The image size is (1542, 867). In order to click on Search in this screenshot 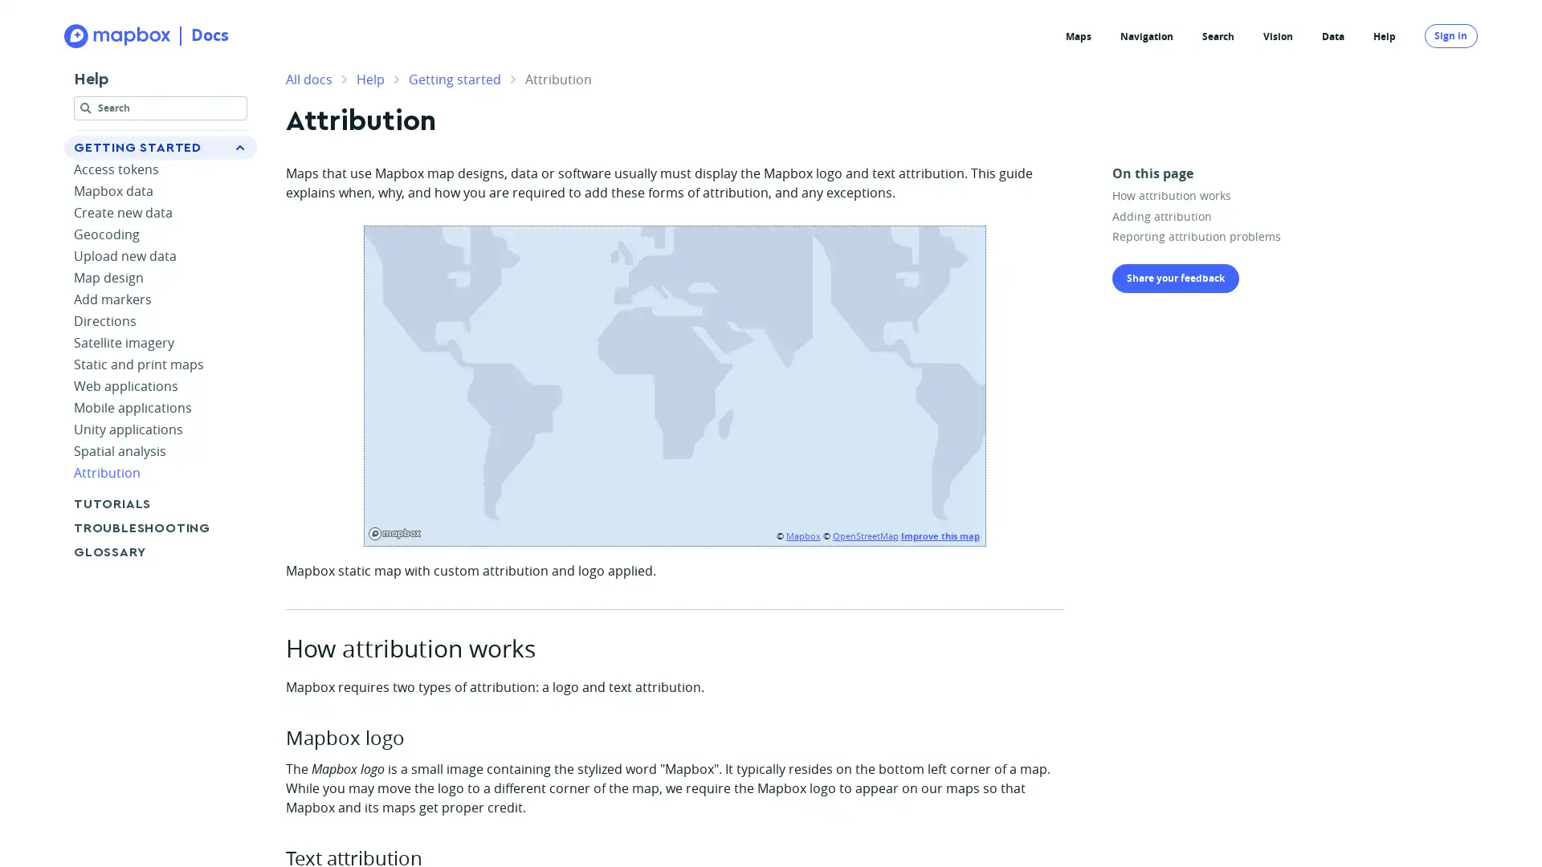, I will do `click(161, 110)`.